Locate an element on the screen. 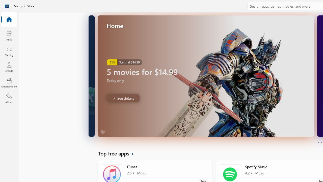 This screenshot has width=323, height=182. 'See all  Top free apps' is located at coordinates (119, 153).